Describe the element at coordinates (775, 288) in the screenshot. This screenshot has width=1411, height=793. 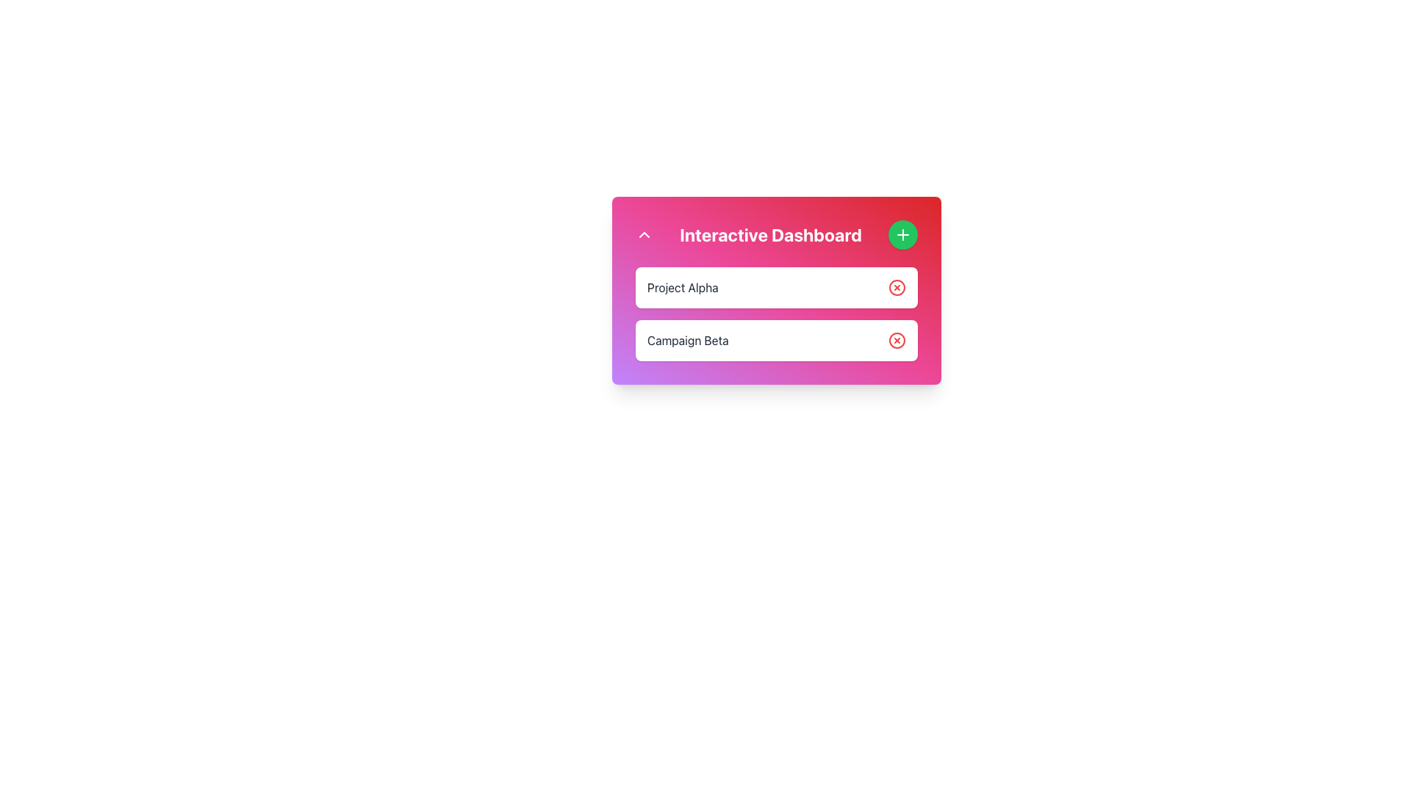
I see `the first list item labeled 'Project Alpha' which features a red close icon on the right and is part of the 'Interactive Dashboard'` at that location.